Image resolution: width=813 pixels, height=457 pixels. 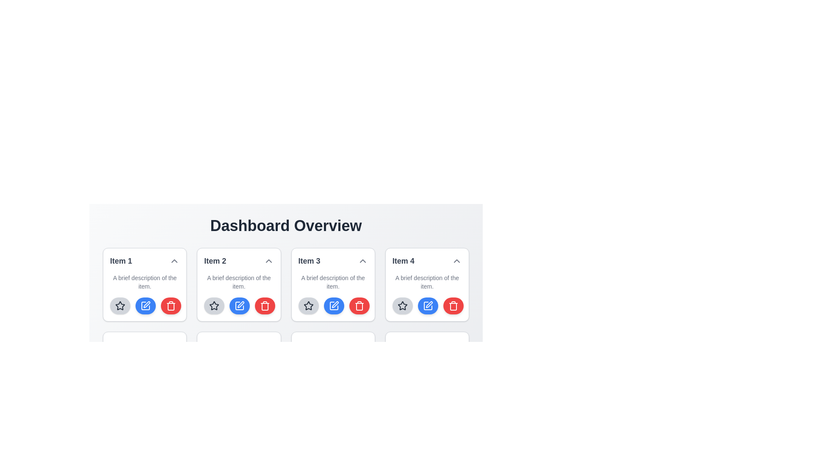 What do you see at coordinates (308, 306) in the screenshot?
I see `the star-shaped icon button located as the leftmost icon in the action button row of the third card under the 'Dashboard Overview' section to mark it` at bounding box center [308, 306].